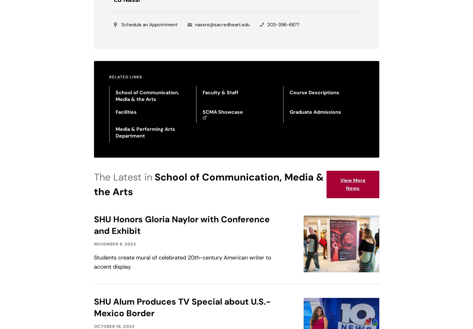 The width and height of the screenshot is (473, 329). What do you see at coordinates (126, 112) in the screenshot?
I see `'Facilities'` at bounding box center [126, 112].